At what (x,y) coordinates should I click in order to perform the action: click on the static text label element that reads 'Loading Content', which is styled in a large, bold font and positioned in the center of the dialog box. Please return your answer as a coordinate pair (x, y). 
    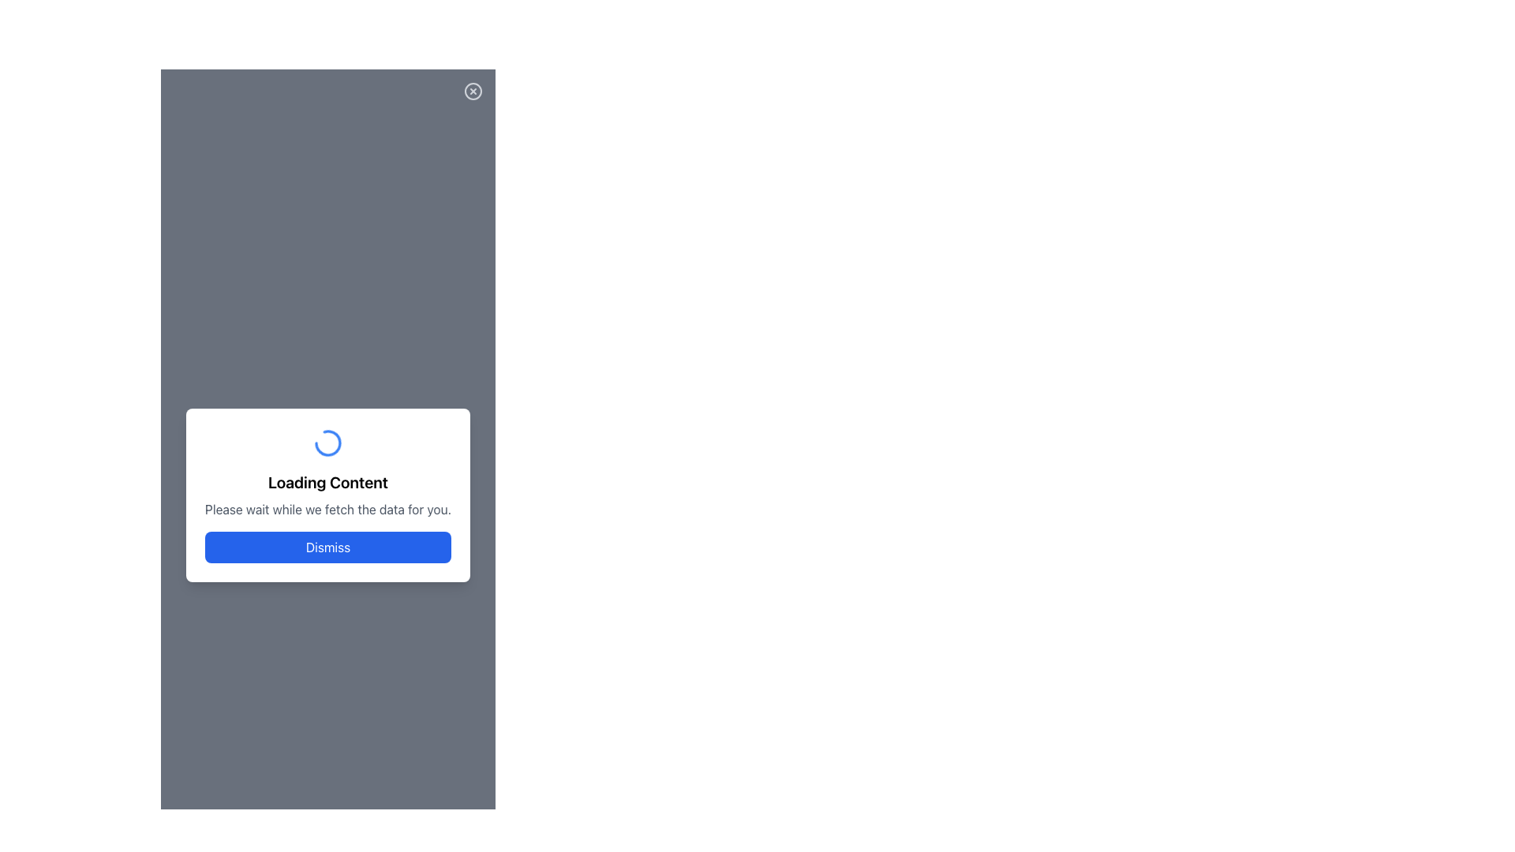
    Looking at the image, I should click on (327, 482).